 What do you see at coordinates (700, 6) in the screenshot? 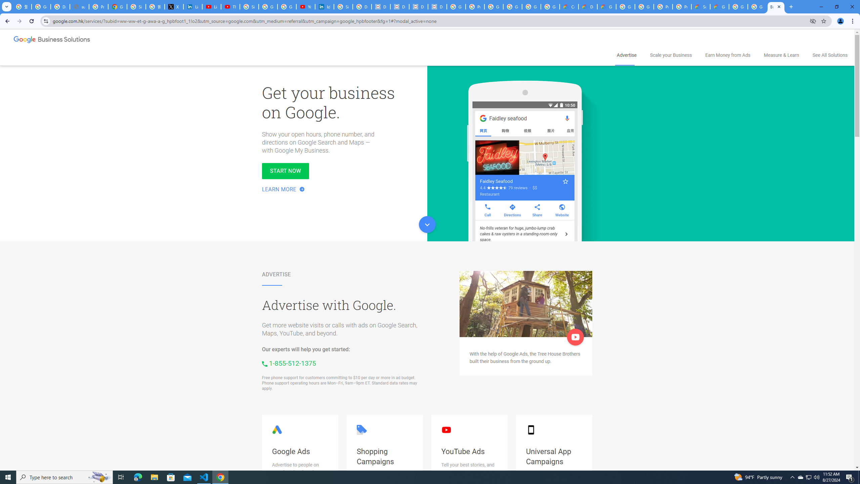
I see `'Support Hub | Google Cloud'` at bounding box center [700, 6].